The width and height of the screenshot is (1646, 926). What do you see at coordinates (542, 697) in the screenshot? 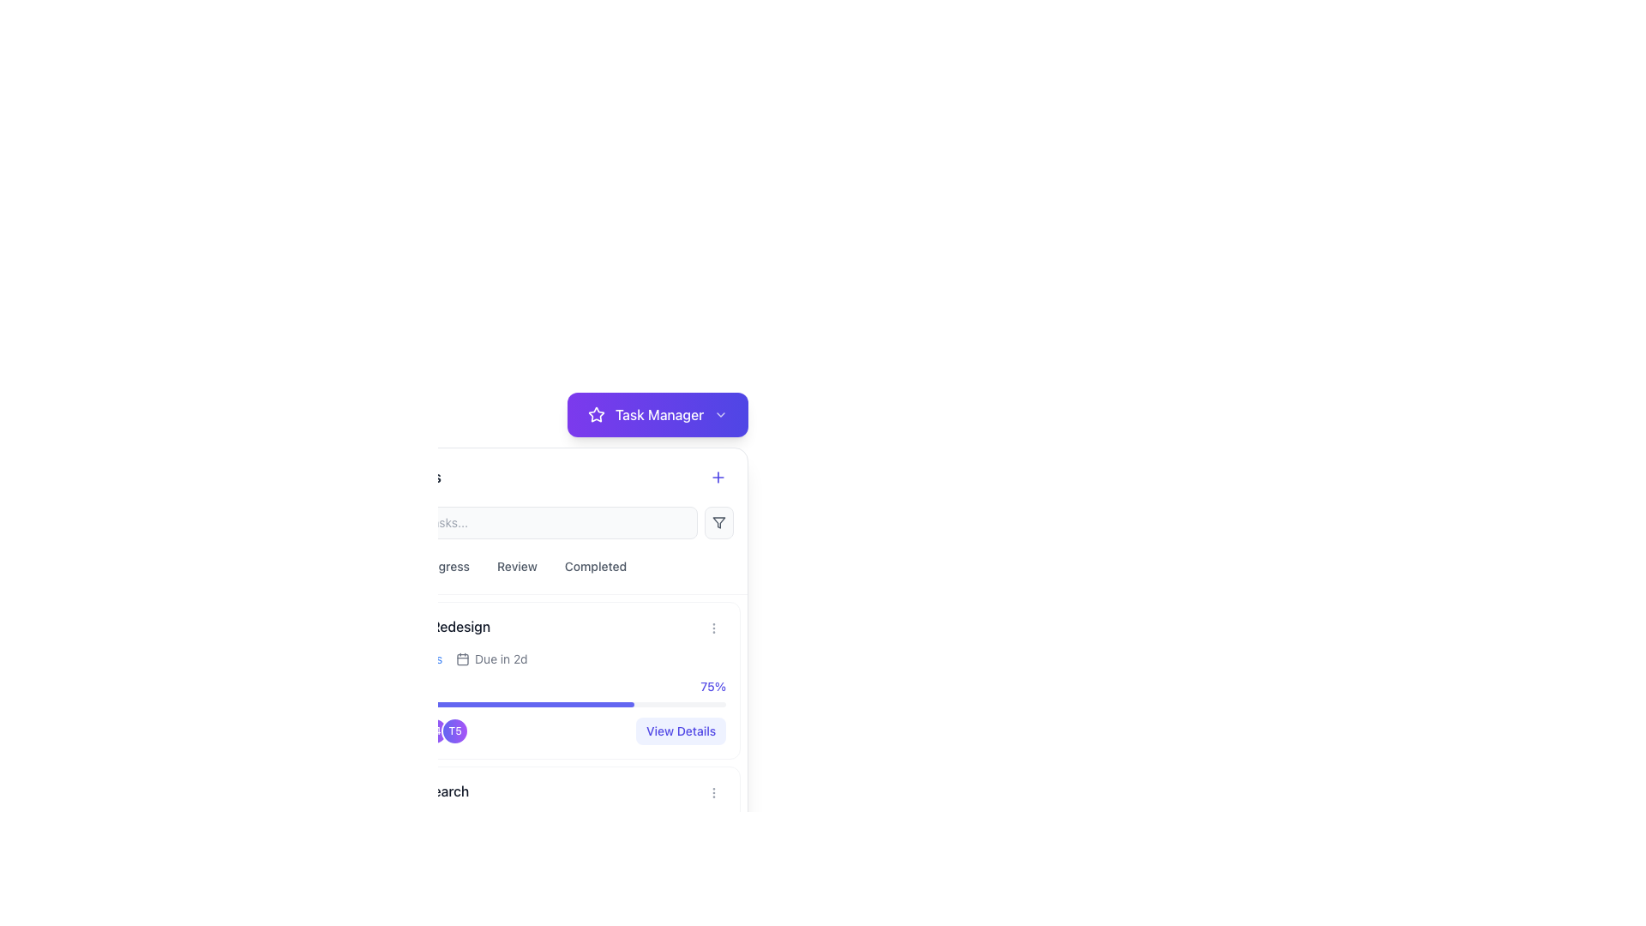
I see `the composite element containing the progress bar, buttons, and text labels for the 'Website Redesign' project` at bounding box center [542, 697].